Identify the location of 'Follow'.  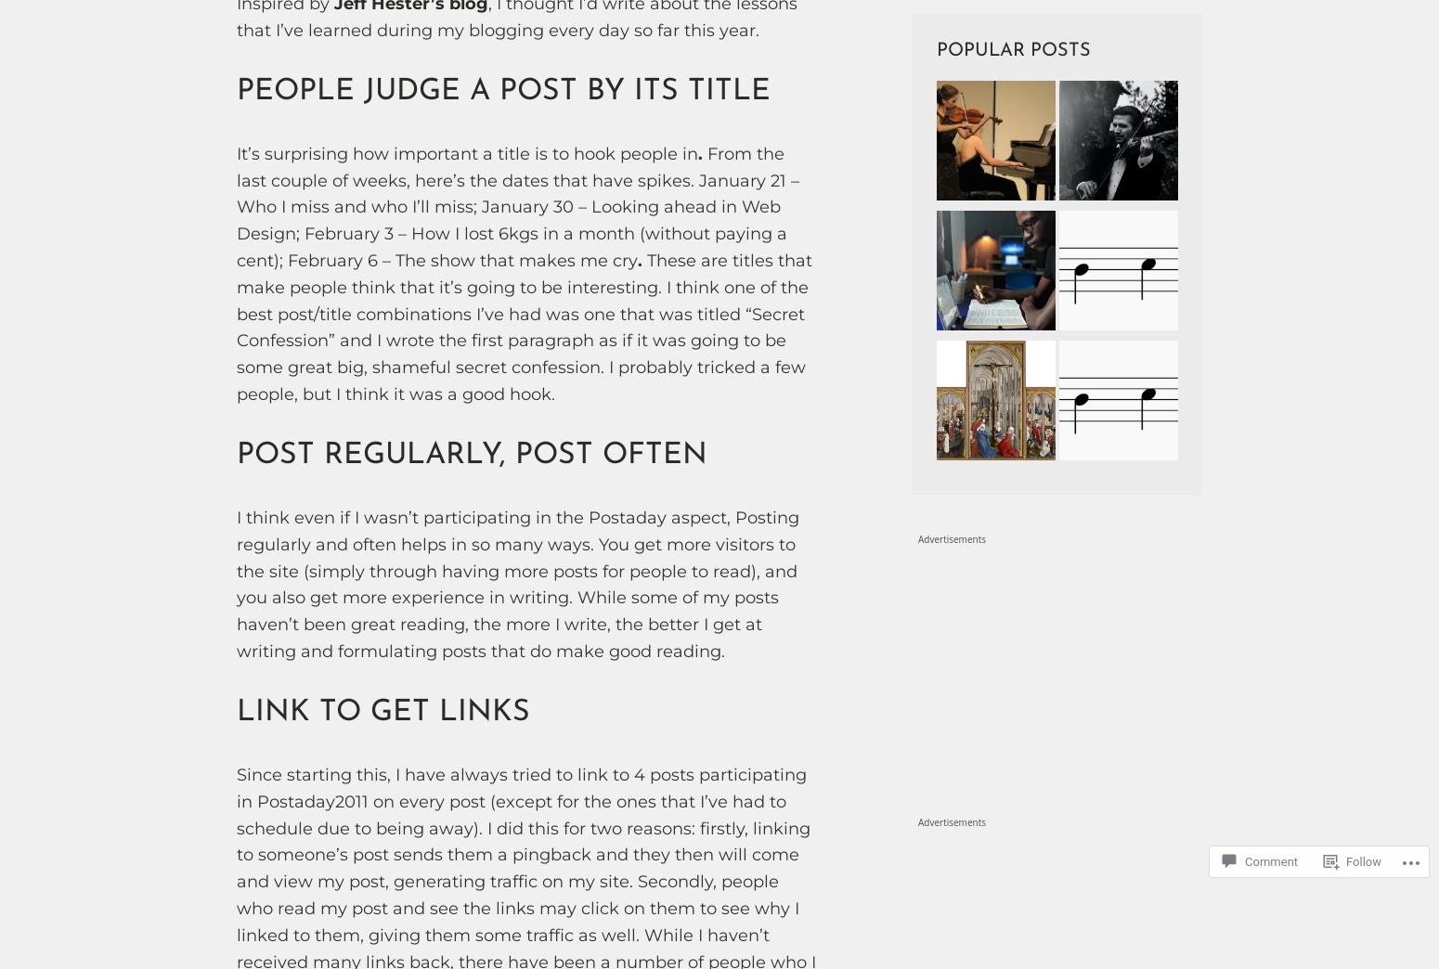
(1345, 860).